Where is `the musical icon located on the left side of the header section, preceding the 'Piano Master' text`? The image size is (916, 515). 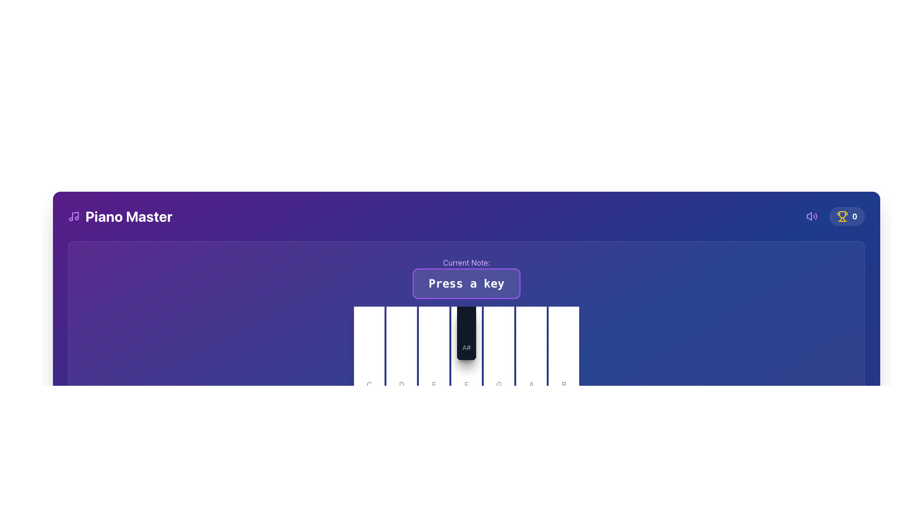 the musical icon located on the left side of the header section, preceding the 'Piano Master' text is located at coordinates (73, 216).